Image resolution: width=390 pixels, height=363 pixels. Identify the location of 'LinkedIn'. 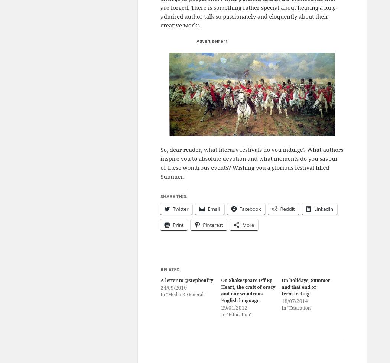
(323, 208).